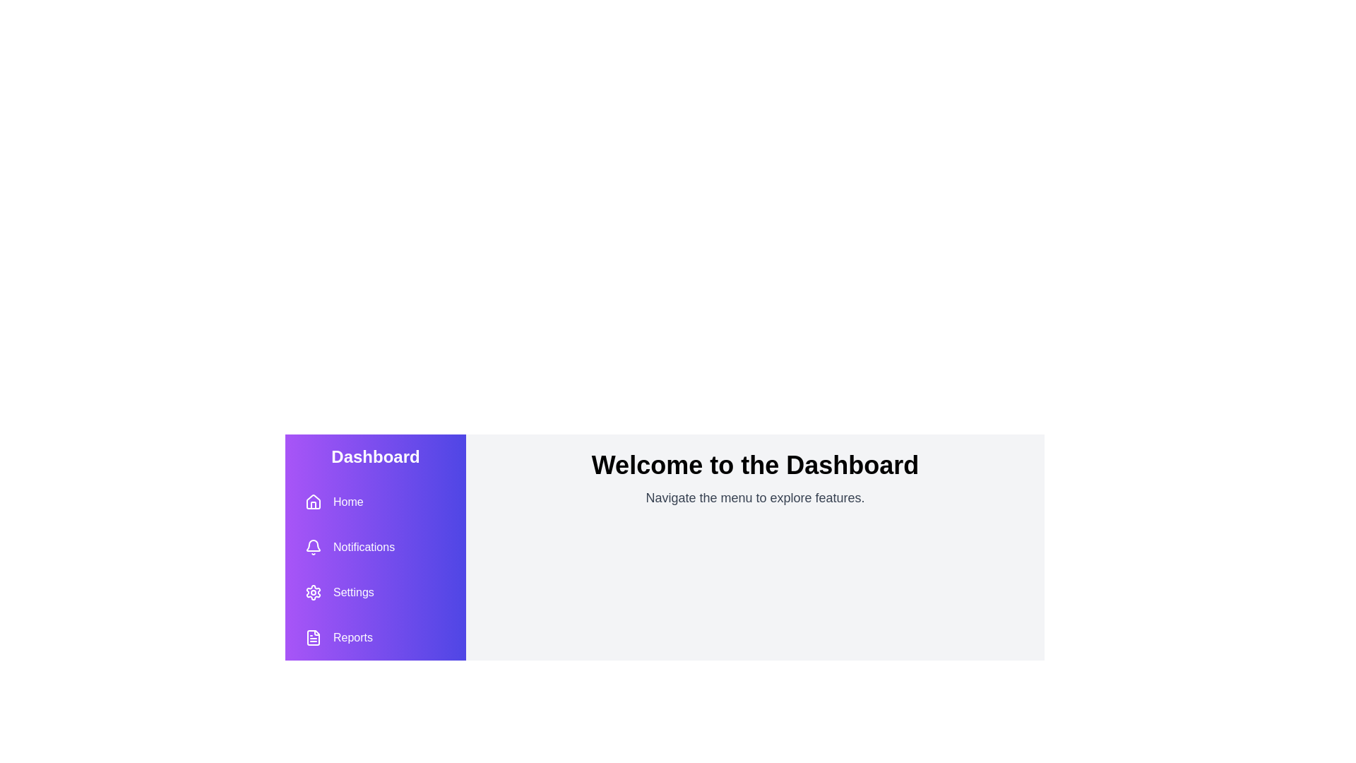 The height and width of the screenshot is (763, 1356). I want to click on the 'Home' button to navigate to the home section, so click(333, 501).